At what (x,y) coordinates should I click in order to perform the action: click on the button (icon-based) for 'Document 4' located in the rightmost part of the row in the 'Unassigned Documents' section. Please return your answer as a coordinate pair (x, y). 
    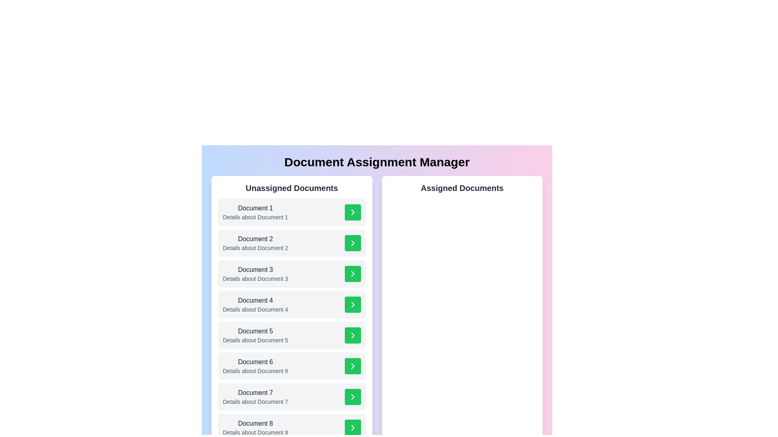
    Looking at the image, I should click on (353, 304).